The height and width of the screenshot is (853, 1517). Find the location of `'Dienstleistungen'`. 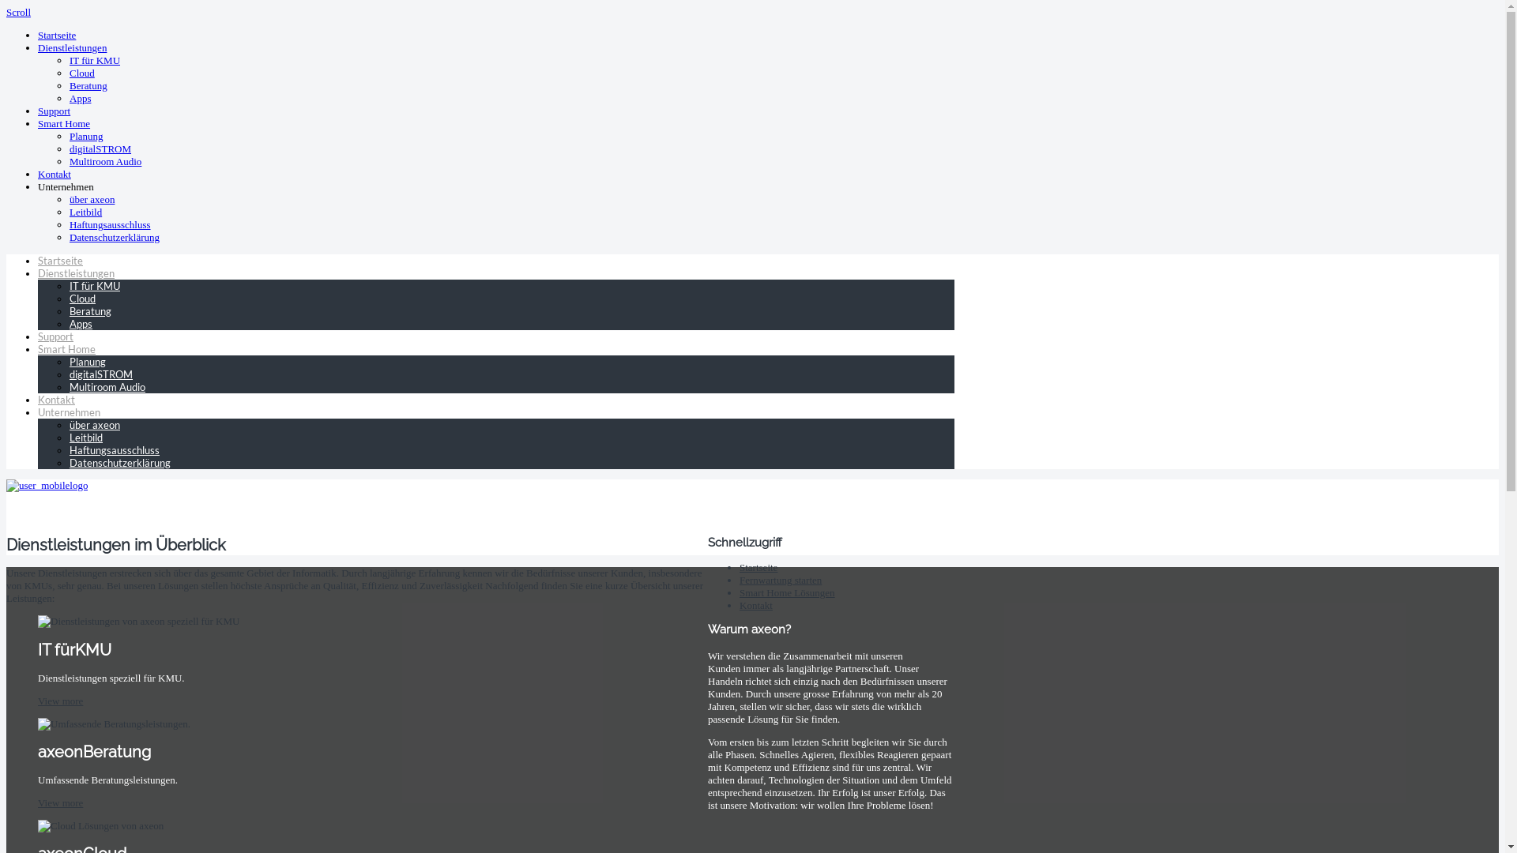

'Dienstleistungen' is located at coordinates (75, 272).